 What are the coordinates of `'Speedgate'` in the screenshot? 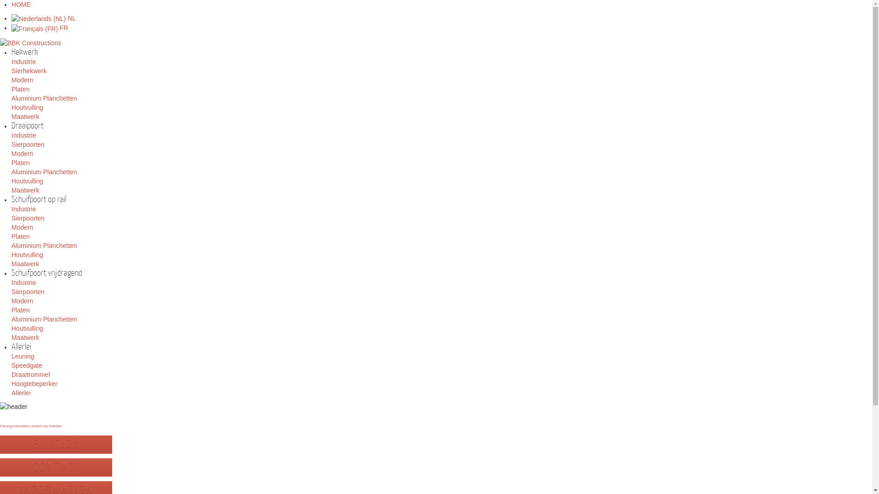 It's located at (27, 365).